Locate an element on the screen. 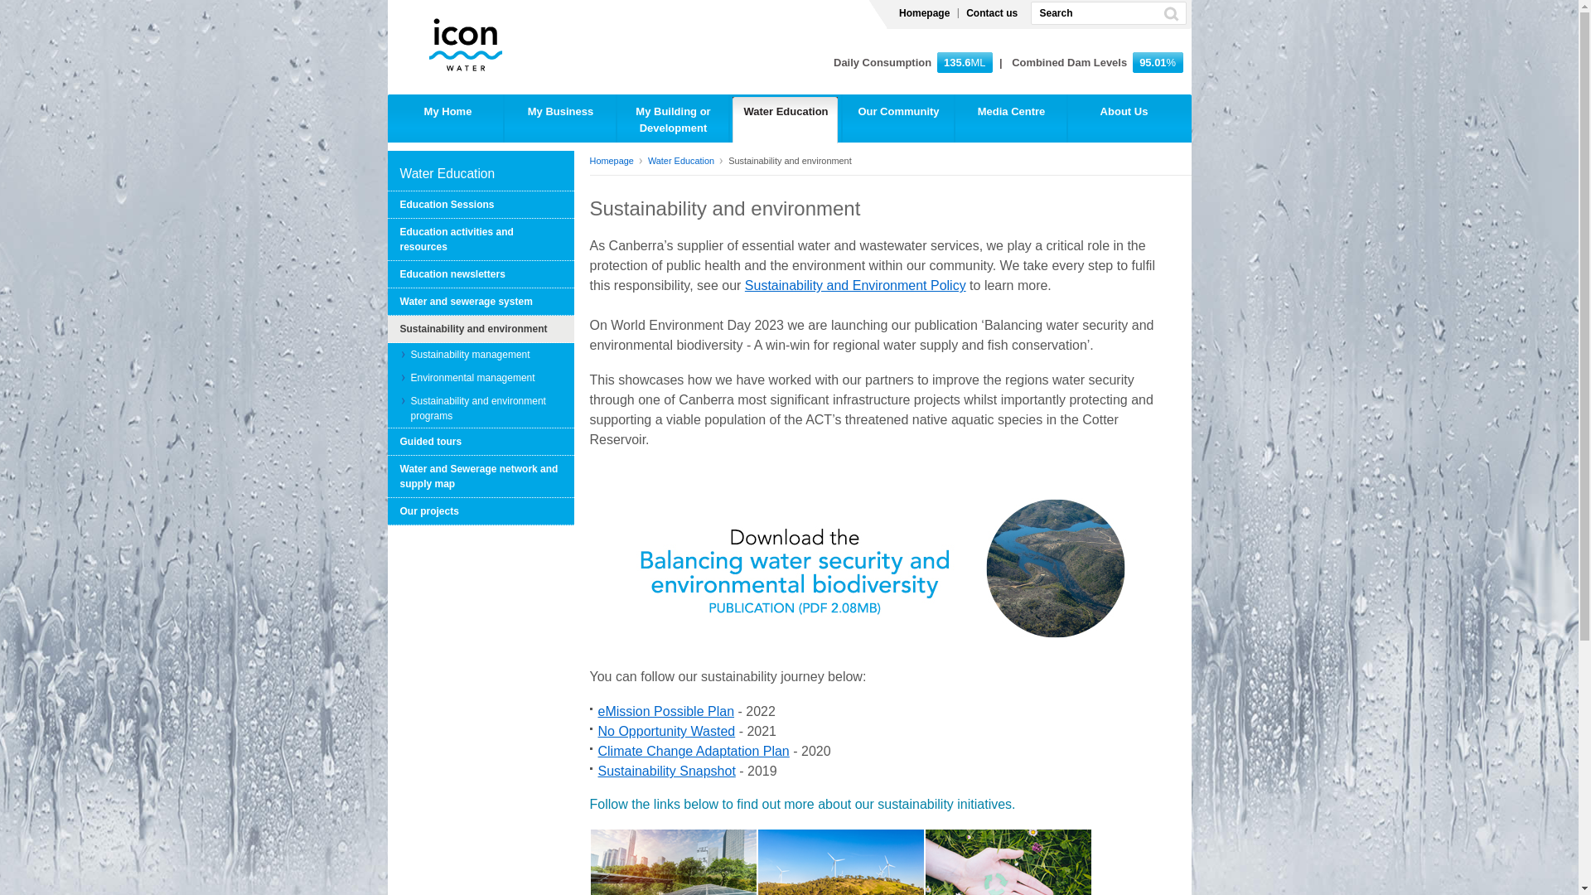 This screenshot has width=1591, height=895. 'Sustainability Snapshot' is located at coordinates (667, 771).